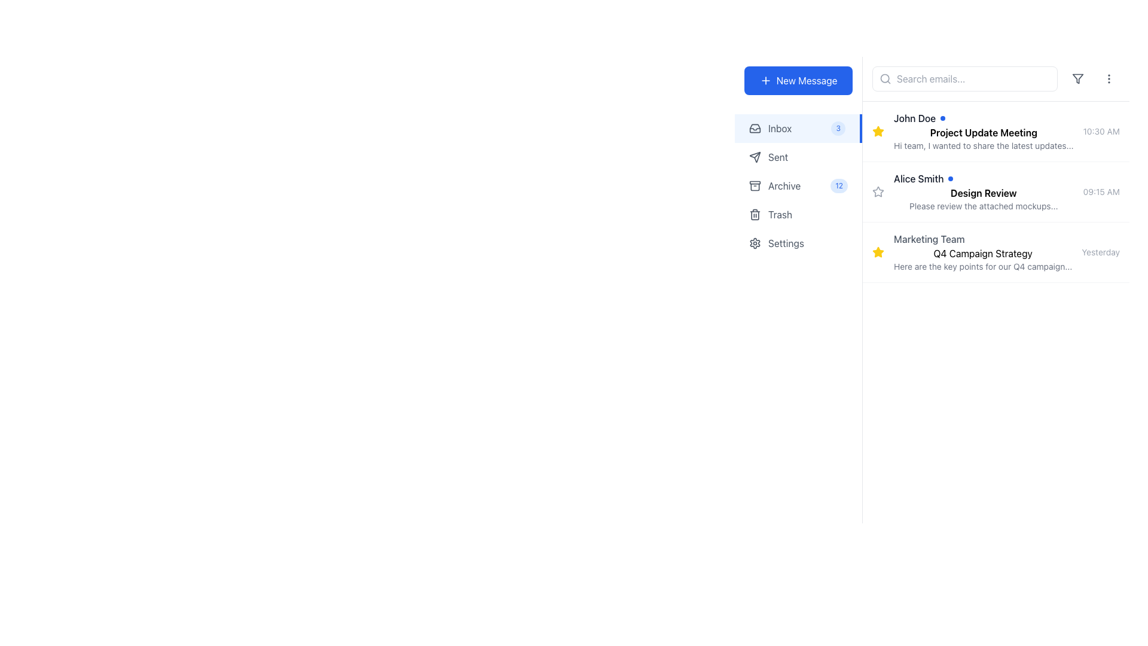  Describe the element at coordinates (754, 129) in the screenshot. I see `the Inbox Icon located in the left vertical navigation menu, which is visually represented as a static indicator associated with the 'Inbox' label` at that location.